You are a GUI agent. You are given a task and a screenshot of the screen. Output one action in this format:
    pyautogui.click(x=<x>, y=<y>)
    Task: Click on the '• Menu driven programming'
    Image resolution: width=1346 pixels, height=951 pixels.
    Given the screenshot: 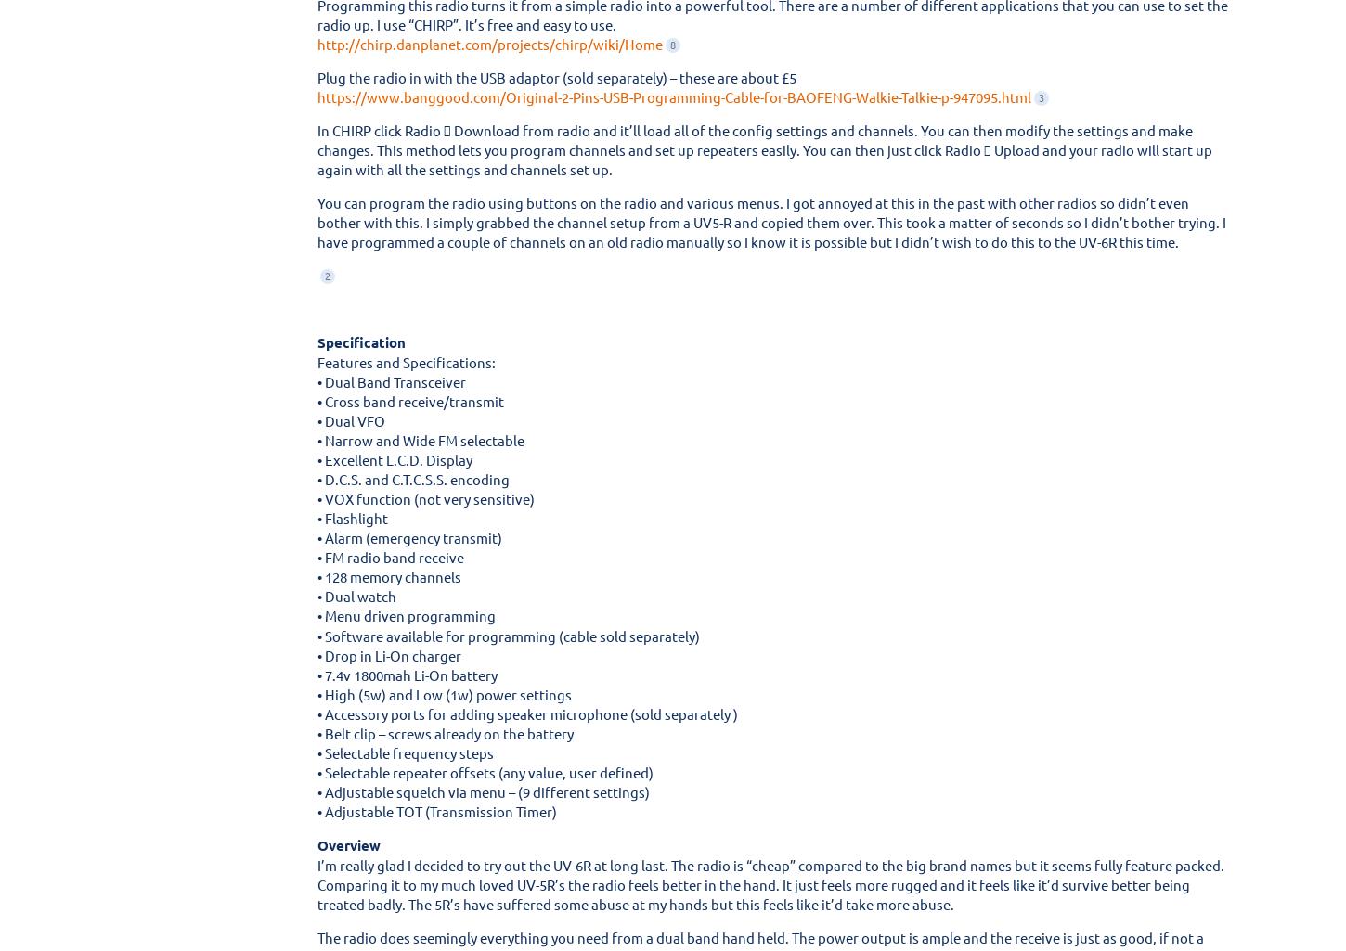 What is the action you would take?
    pyautogui.click(x=406, y=615)
    